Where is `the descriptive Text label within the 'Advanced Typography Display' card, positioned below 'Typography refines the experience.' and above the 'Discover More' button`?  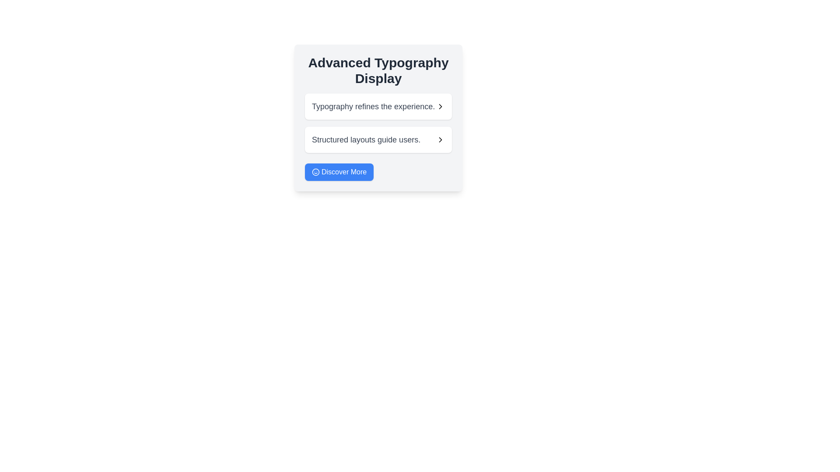
the descriptive Text label within the 'Advanced Typography Display' card, positioned below 'Typography refines the experience.' and above the 'Discover More' button is located at coordinates (366, 139).